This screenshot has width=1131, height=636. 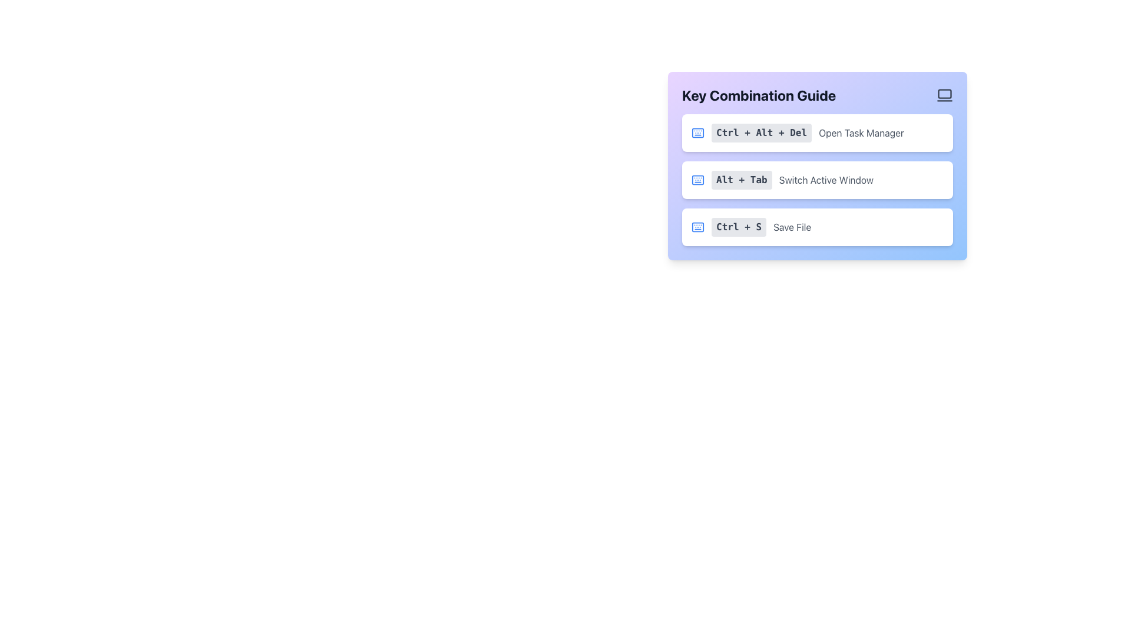 I want to click on the Informational card element that describes the shortcut 'Alt + Tab' and its functionality 'Switch Active Window', located as the second item in the vertical list of key combinations within the 'Key Combination Guide', so click(x=816, y=180).